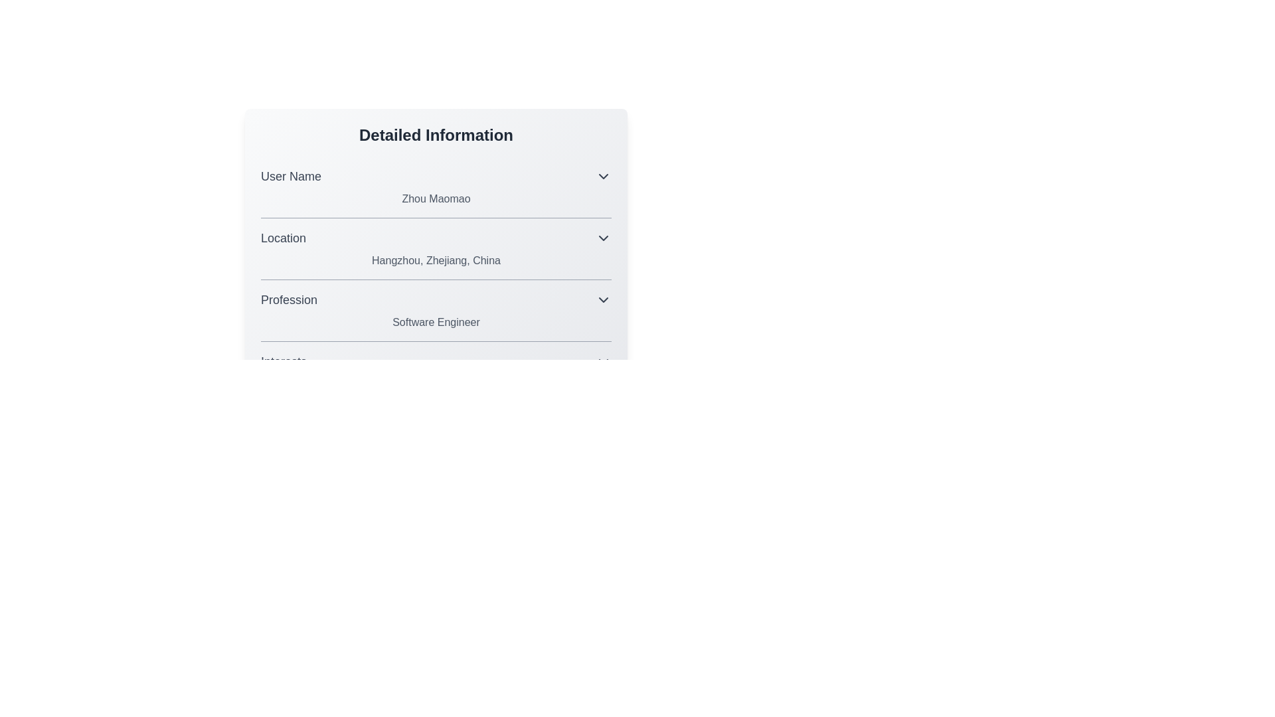 The height and width of the screenshot is (717, 1275). Describe the element at coordinates (602, 361) in the screenshot. I see `the downward chevron icon located at the far right of the 'Interests' section header` at that location.